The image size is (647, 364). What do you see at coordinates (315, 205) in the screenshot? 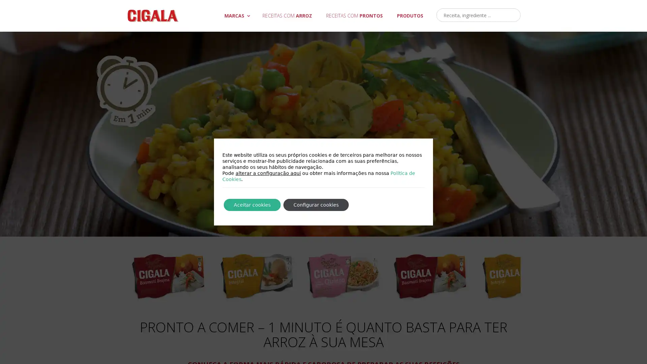
I see `Configurar cookies` at bounding box center [315, 205].